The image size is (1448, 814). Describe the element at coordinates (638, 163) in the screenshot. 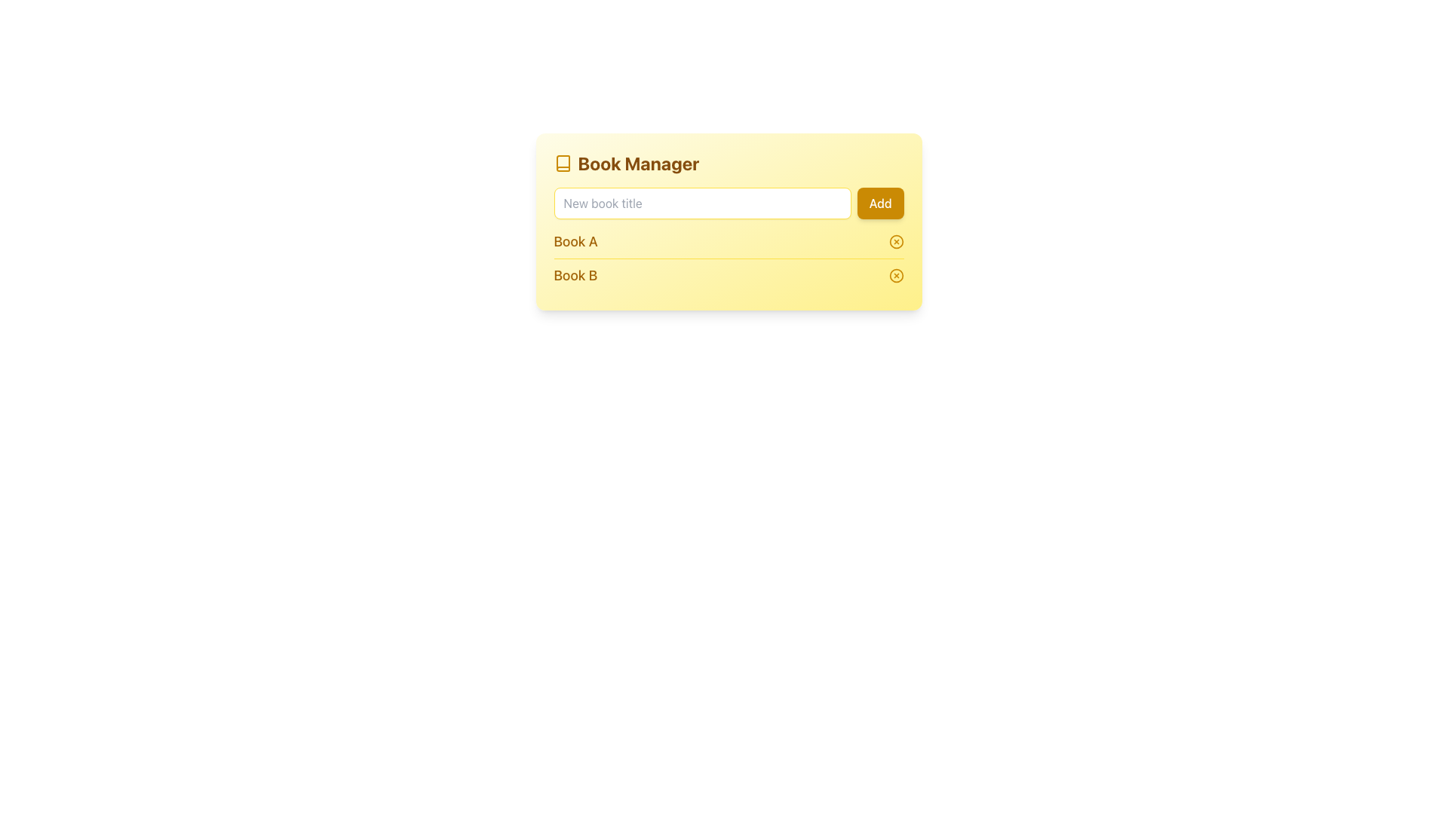

I see `text label that serves as a title or header for the section, positioned in the top-left of a yellow card box` at that location.